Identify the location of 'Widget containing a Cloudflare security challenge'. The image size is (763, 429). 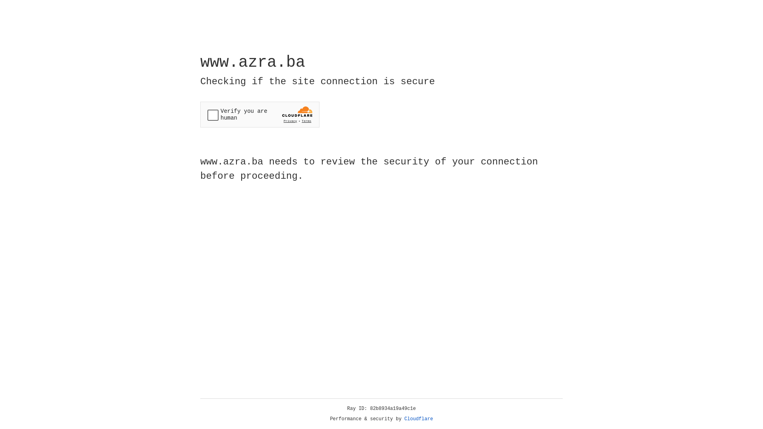
(259, 114).